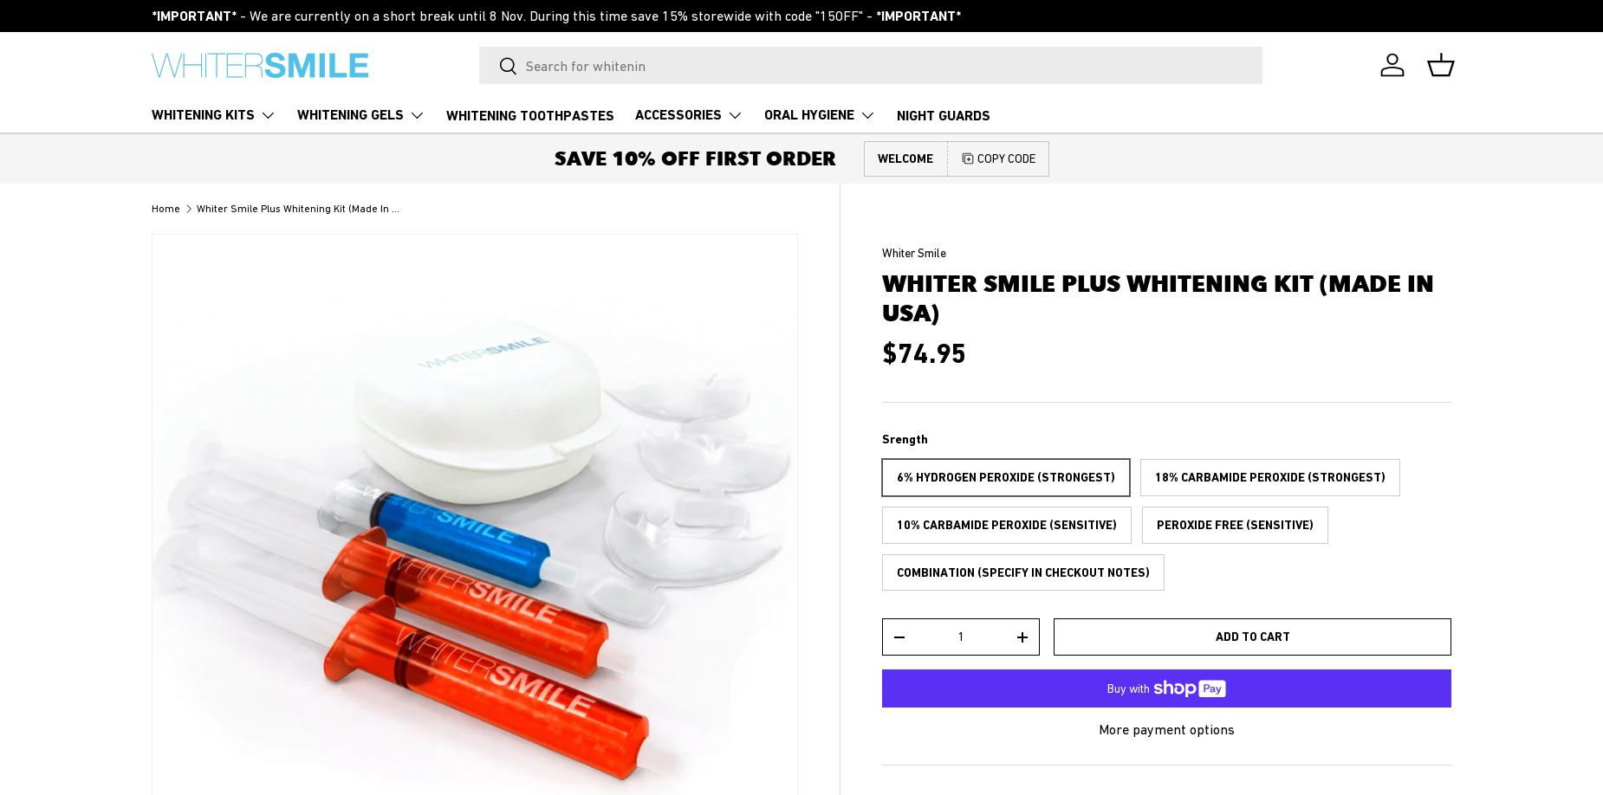 This screenshot has height=795, width=1603. I want to click on 'Whiter Smile Plus Whitening Kit (Made In USA)', so click(304, 206).